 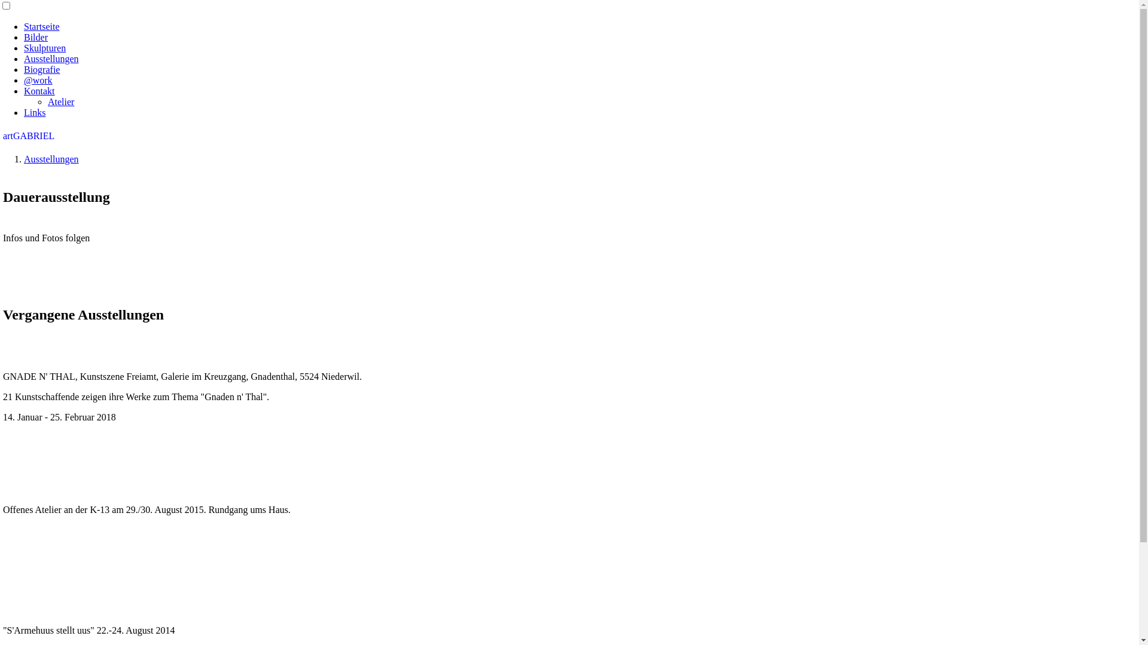 I want to click on 'Links', so click(x=23, y=112).